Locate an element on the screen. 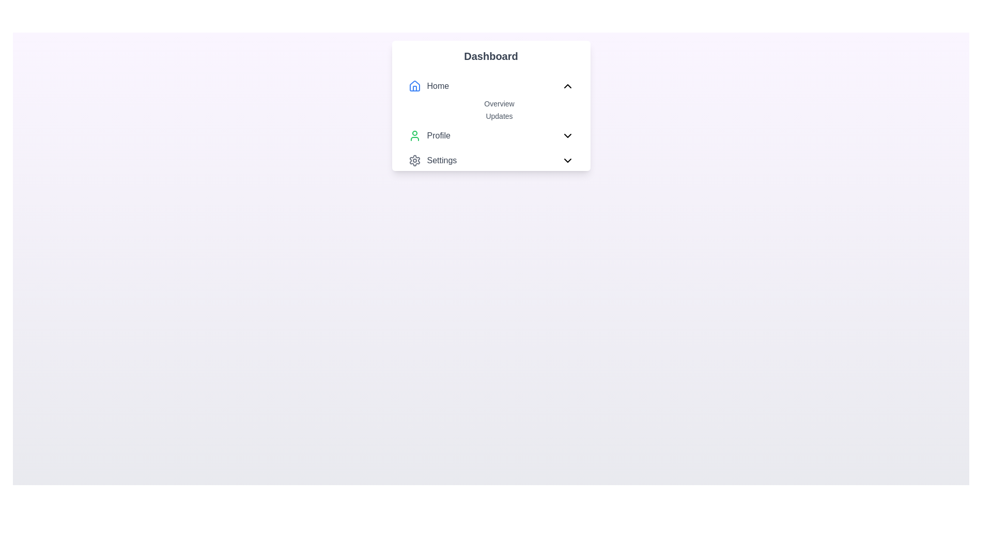  the icon located on the far right of the 'Profile' menu item is located at coordinates (567, 135).